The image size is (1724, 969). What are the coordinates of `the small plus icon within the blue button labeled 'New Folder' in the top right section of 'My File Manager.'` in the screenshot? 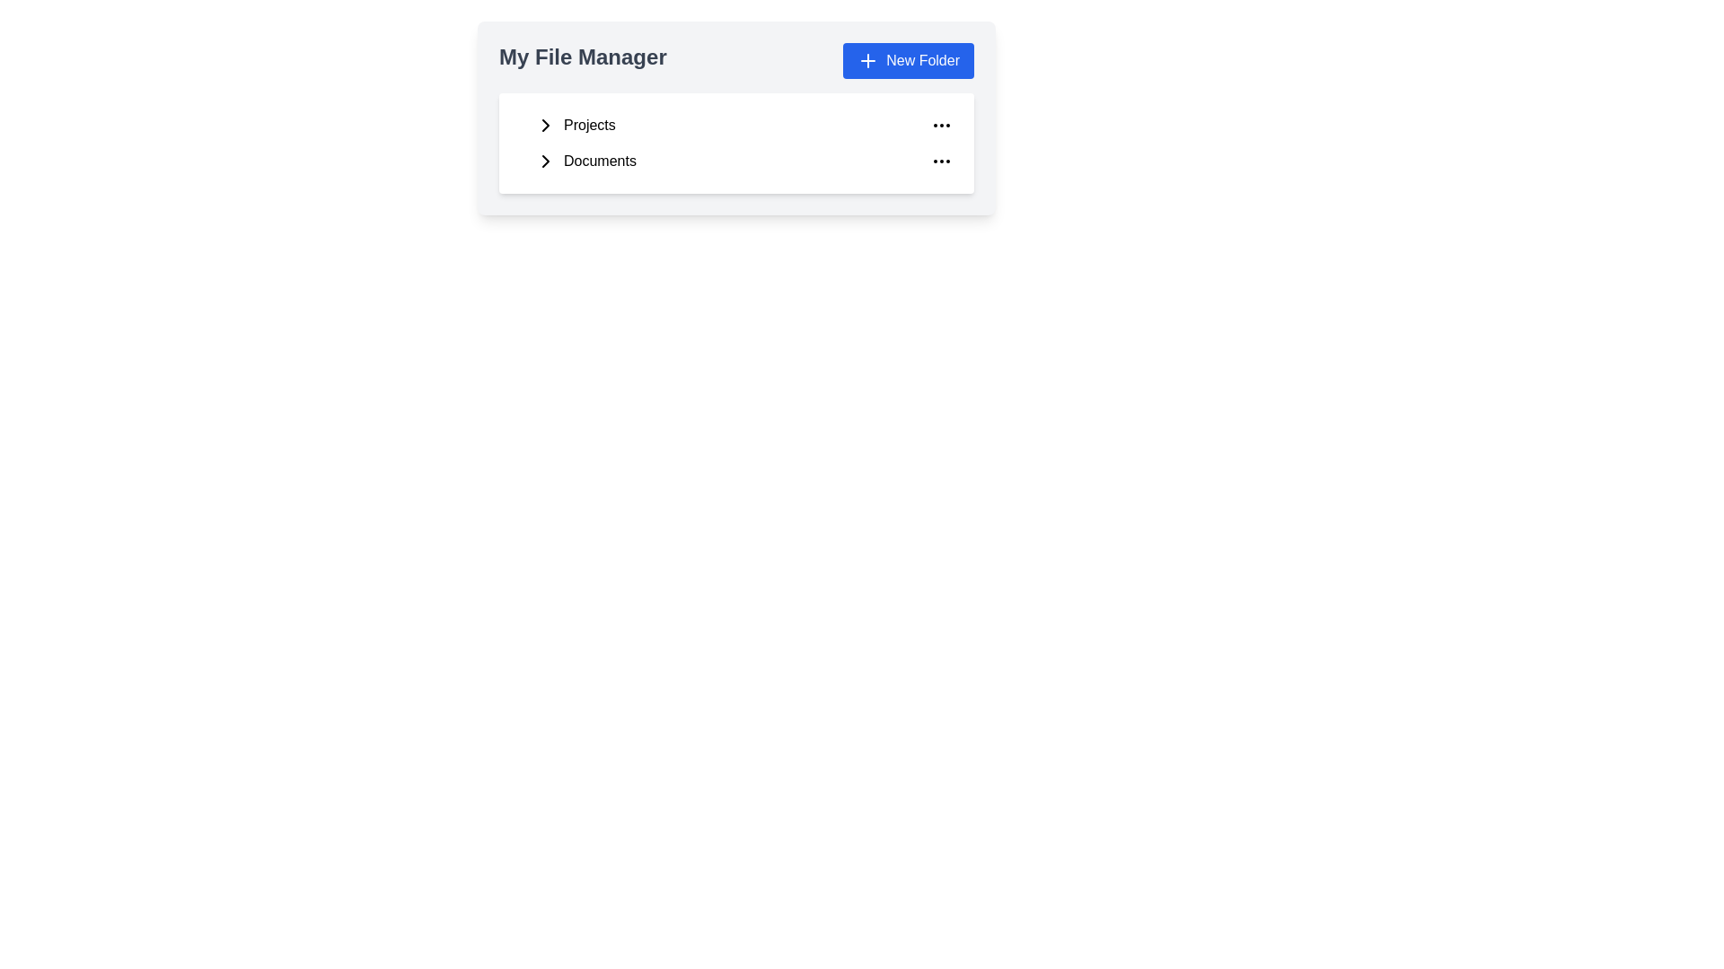 It's located at (868, 60).